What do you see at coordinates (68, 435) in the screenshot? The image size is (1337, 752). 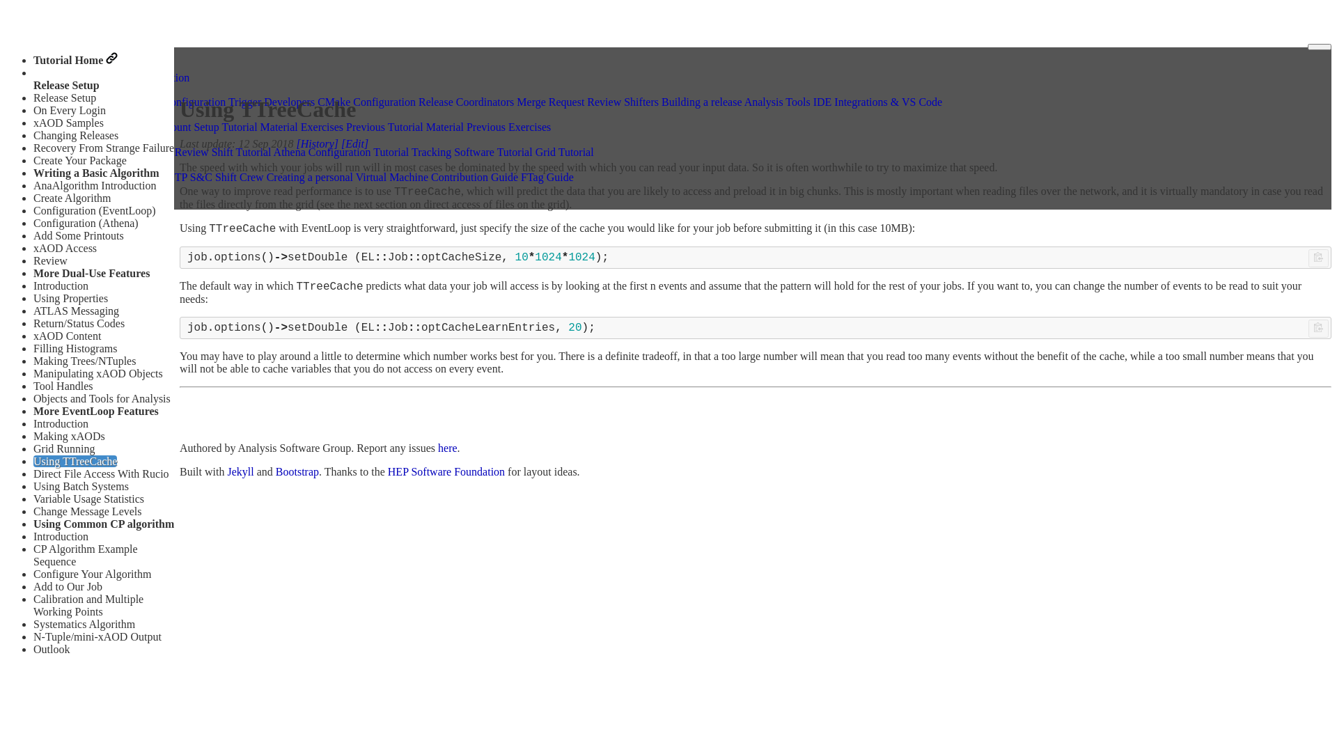 I see `'Making xAODs'` at bounding box center [68, 435].